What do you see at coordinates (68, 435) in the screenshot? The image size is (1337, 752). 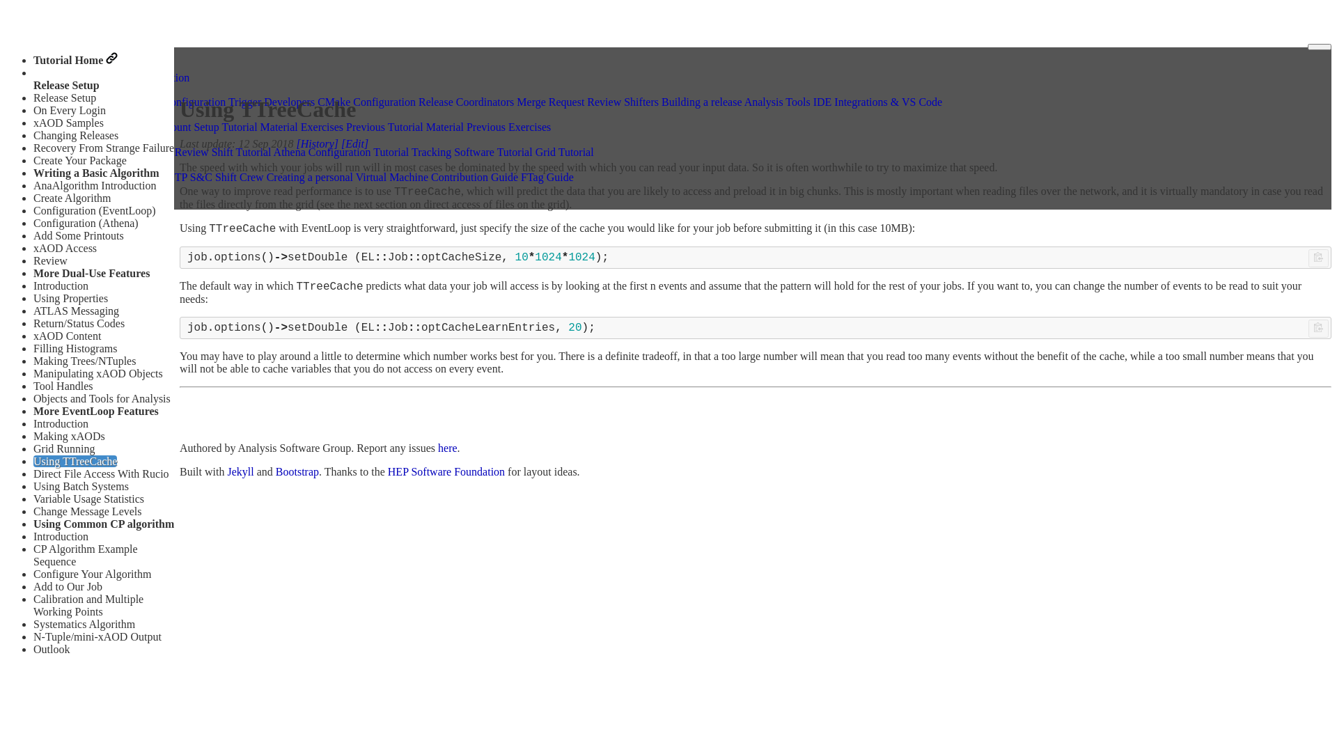 I see `'Making xAODs'` at bounding box center [68, 435].